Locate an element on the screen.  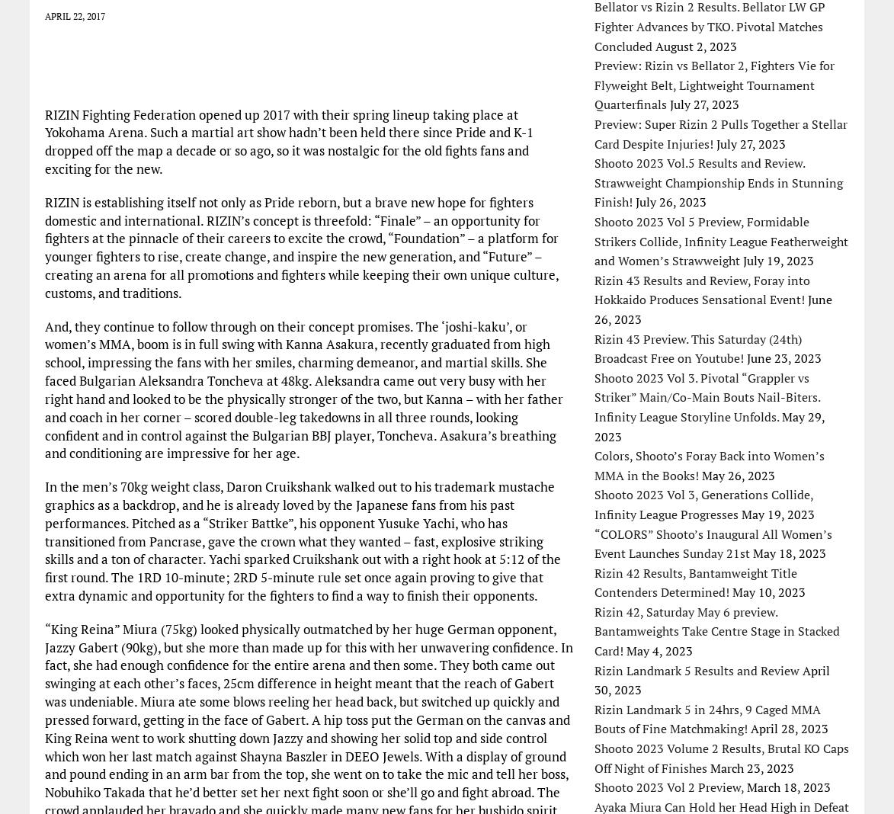
'March 23, 2023' is located at coordinates (751, 768).